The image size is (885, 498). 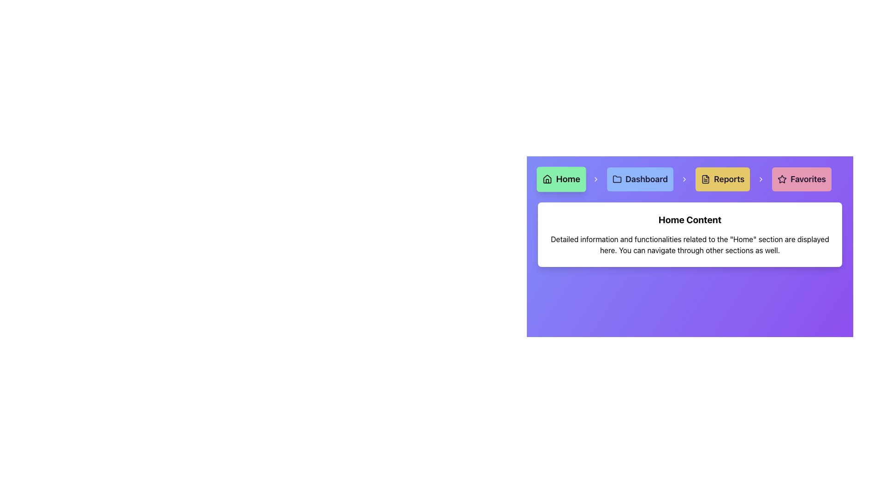 What do you see at coordinates (782, 179) in the screenshot?
I see `the 'Favorites' button which contains the Decorative Icon represented by a star icon with a bold outline, located at the top-right corner of the navigation bar` at bounding box center [782, 179].